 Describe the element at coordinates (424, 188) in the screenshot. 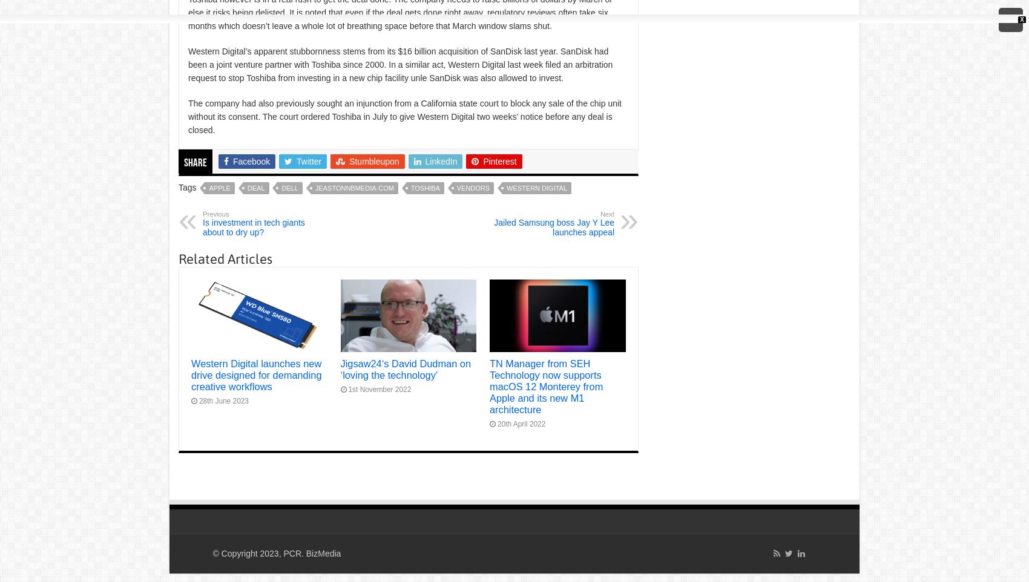

I see `'Toshiba'` at that location.